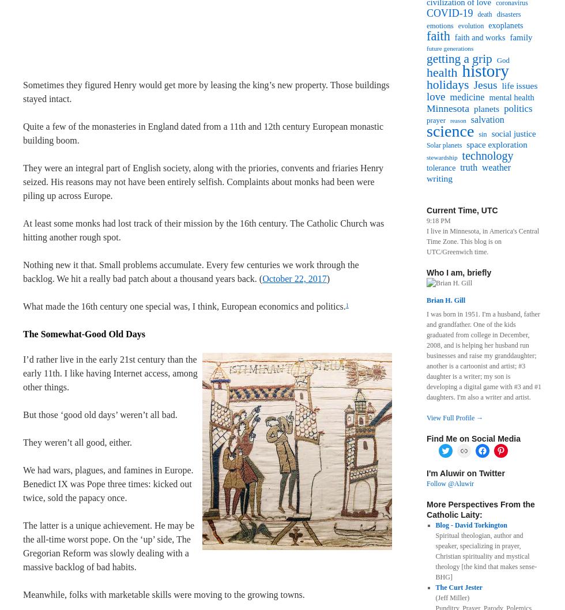  Describe the element at coordinates (22, 271) in the screenshot. I see `'Nothing new it that. Small problems accumulate. Every few centuries we work through the backlog. We hit a really bad patch about a thousand years back. ('` at that location.